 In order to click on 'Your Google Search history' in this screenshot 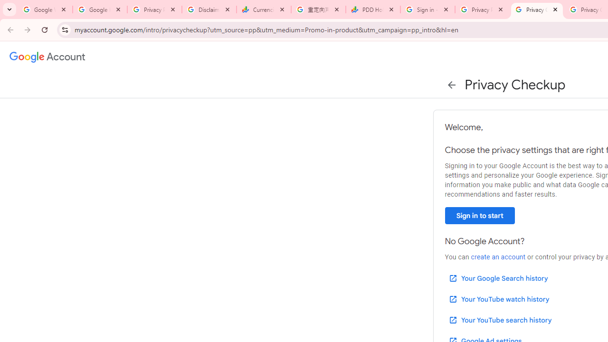, I will do `click(497, 278)`.